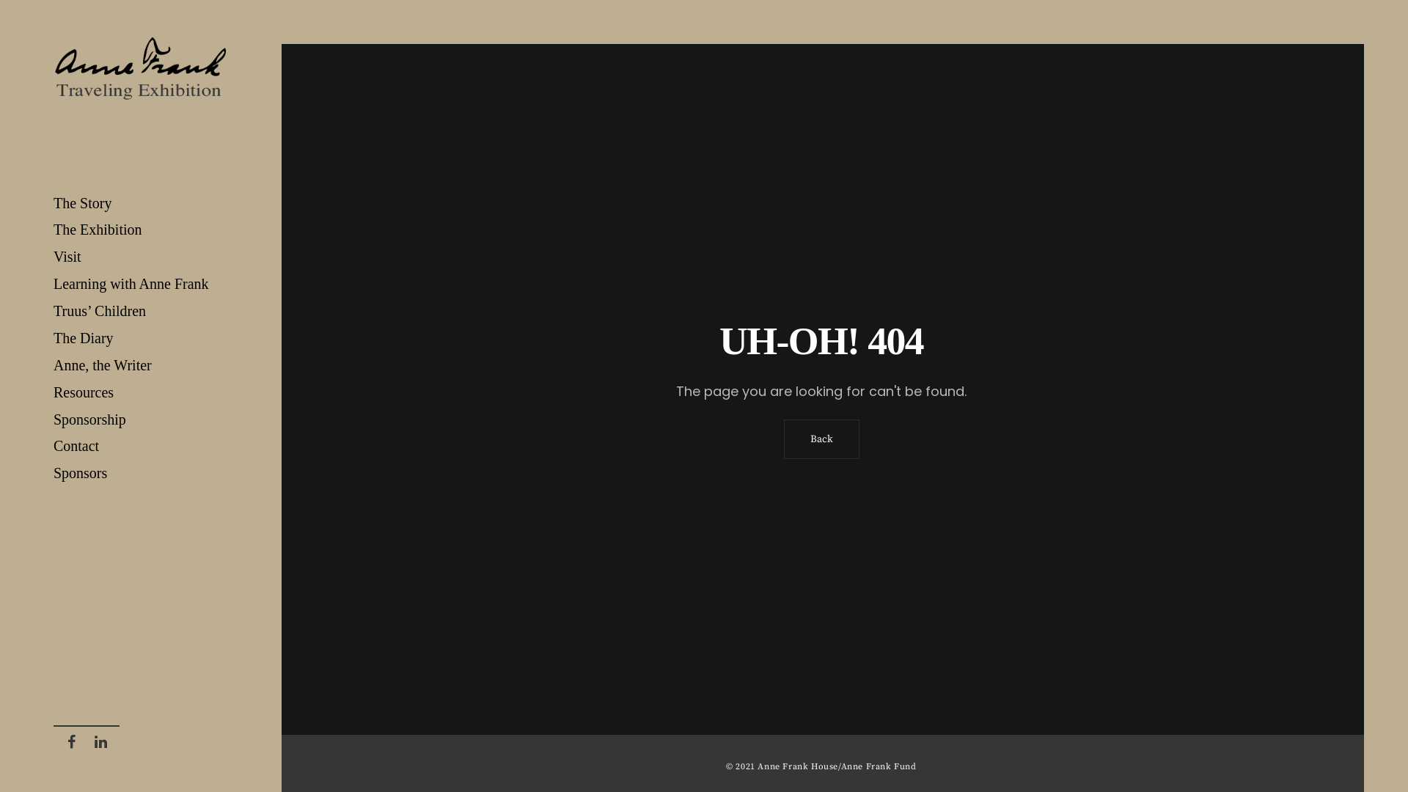  What do you see at coordinates (141, 473) in the screenshot?
I see `'Sponsors'` at bounding box center [141, 473].